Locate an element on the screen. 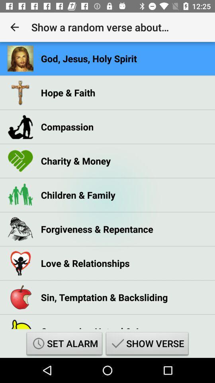  the overcoming hatred & anger is located at coordinates (100, 325).